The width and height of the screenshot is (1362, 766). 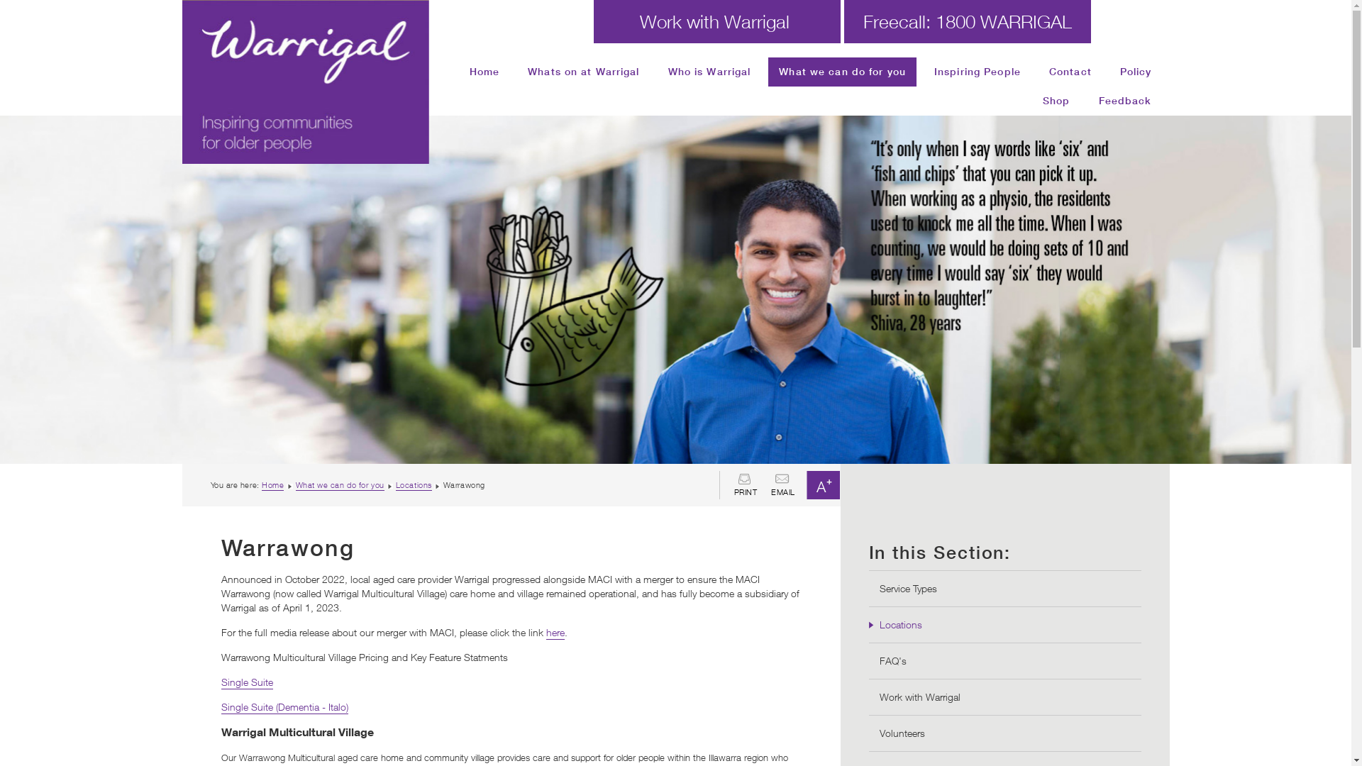 I want to click on 'Who is Warrigal', so click(x=709, y=72).